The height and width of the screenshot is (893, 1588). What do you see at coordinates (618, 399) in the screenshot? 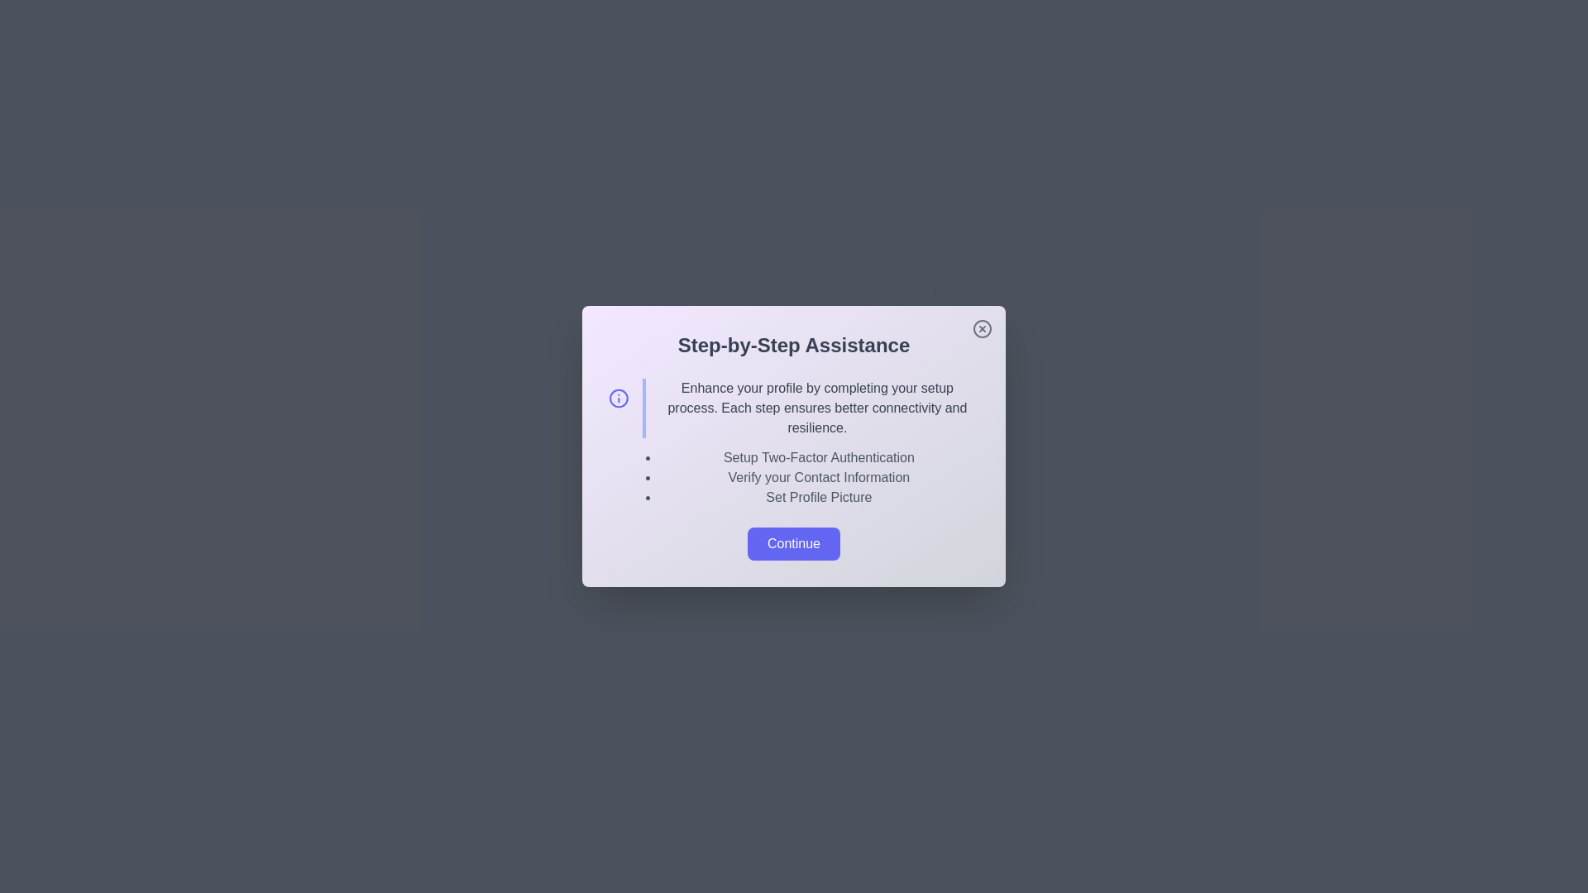
I see `the informational icon to trigger its functionality` at bounding box center [618, 399].